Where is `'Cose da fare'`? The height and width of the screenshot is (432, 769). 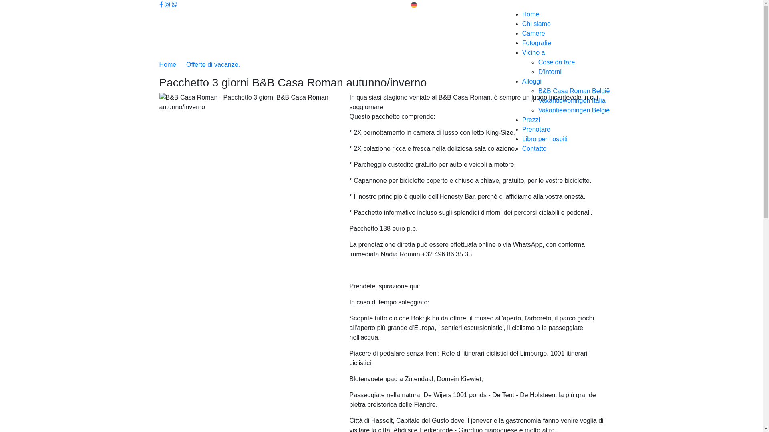 'Cose da fare' is located at coordinates (556, 62).